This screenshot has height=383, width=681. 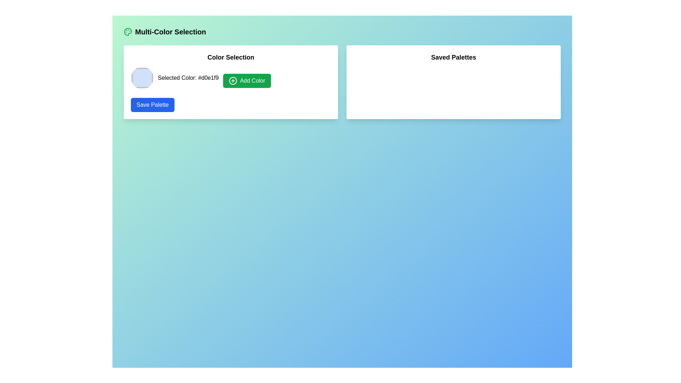 I want to click on the SVG circle that is part of the 'Add Color' button, which features a green circular outline and a plus sign, located in the 'Color Selection' section, so click(x=233, y=80).